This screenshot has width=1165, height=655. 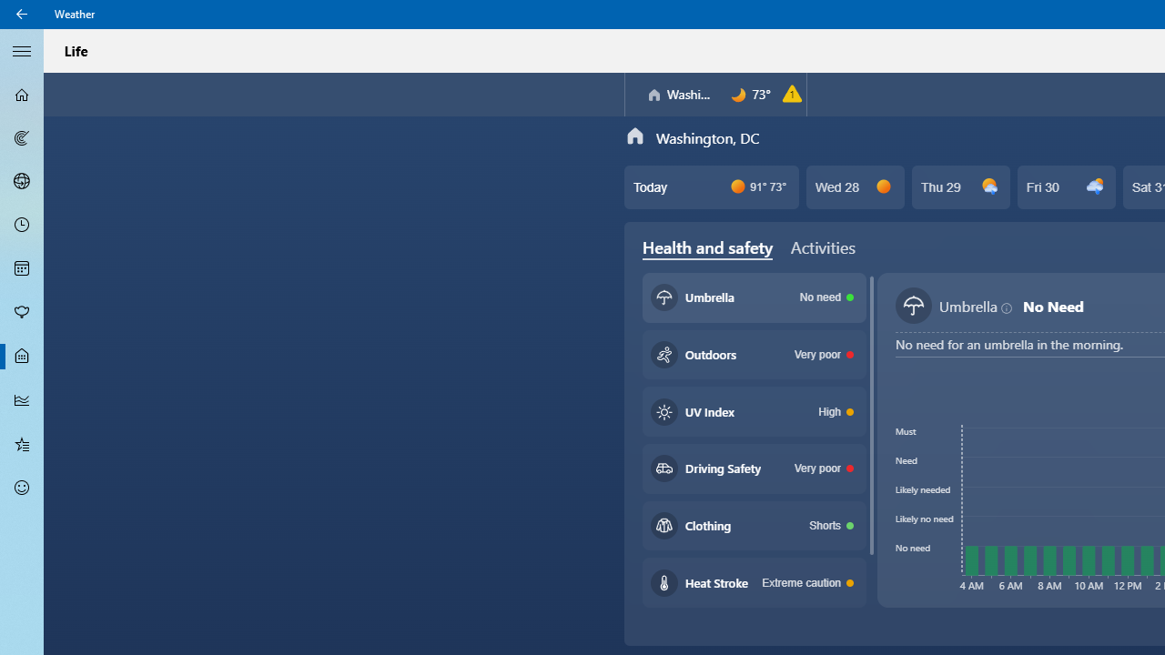 I want to click on 'Favorites - Not Selected', so click(x=22, y=443).